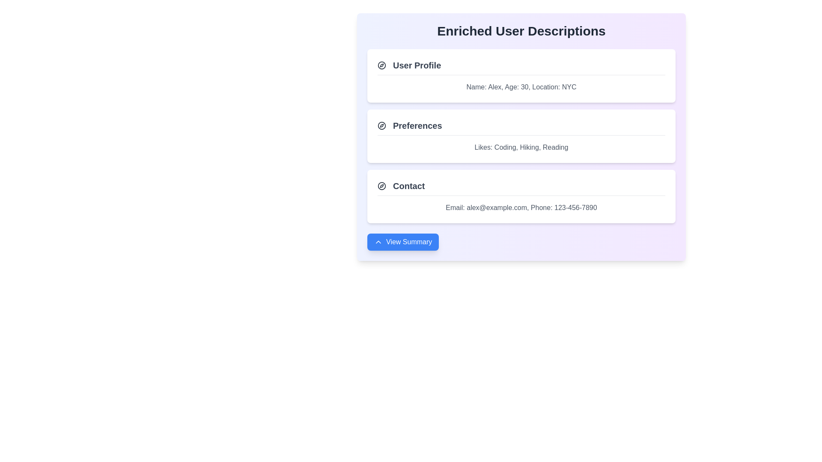  What do you see at coordinates (402, 242) in the screenshot?
I see `the blue button labeled 'View Summary' with a left-pointing chevron icon, located at the bottom center of the panel labeled 'Enriched User Descriptions'` at bounding box center [402, 242].